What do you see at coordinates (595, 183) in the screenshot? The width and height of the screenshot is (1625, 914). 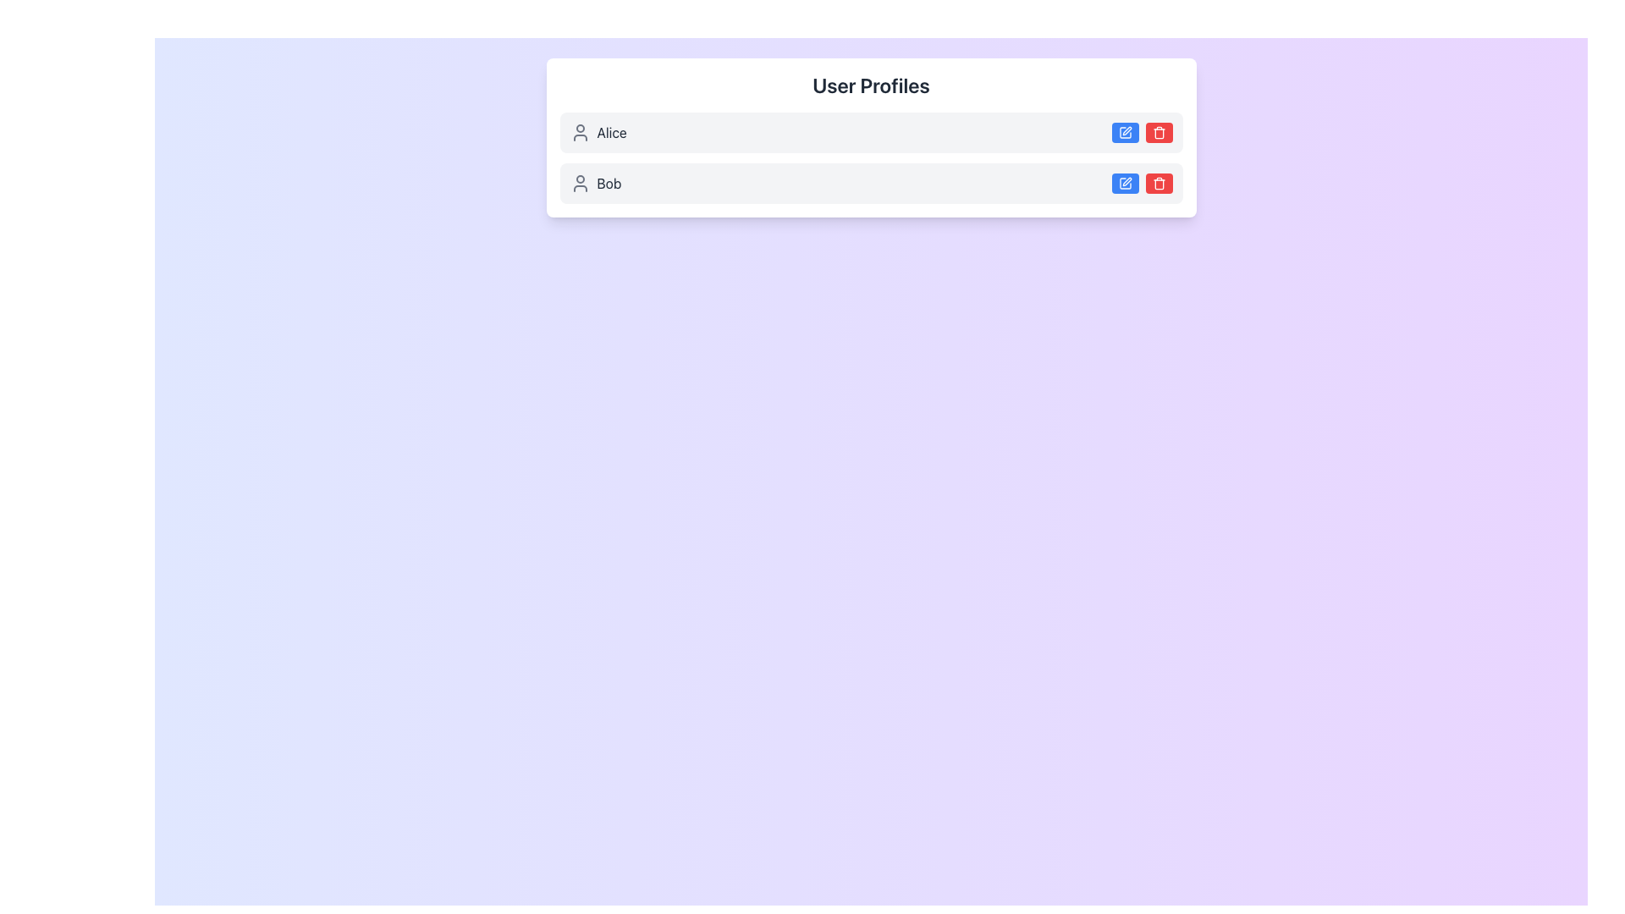 I see `the text area displaying 'Bob' in the 'User Profiles' section, located in the second row, to initiate interaction` at bounding box center [595, 183].